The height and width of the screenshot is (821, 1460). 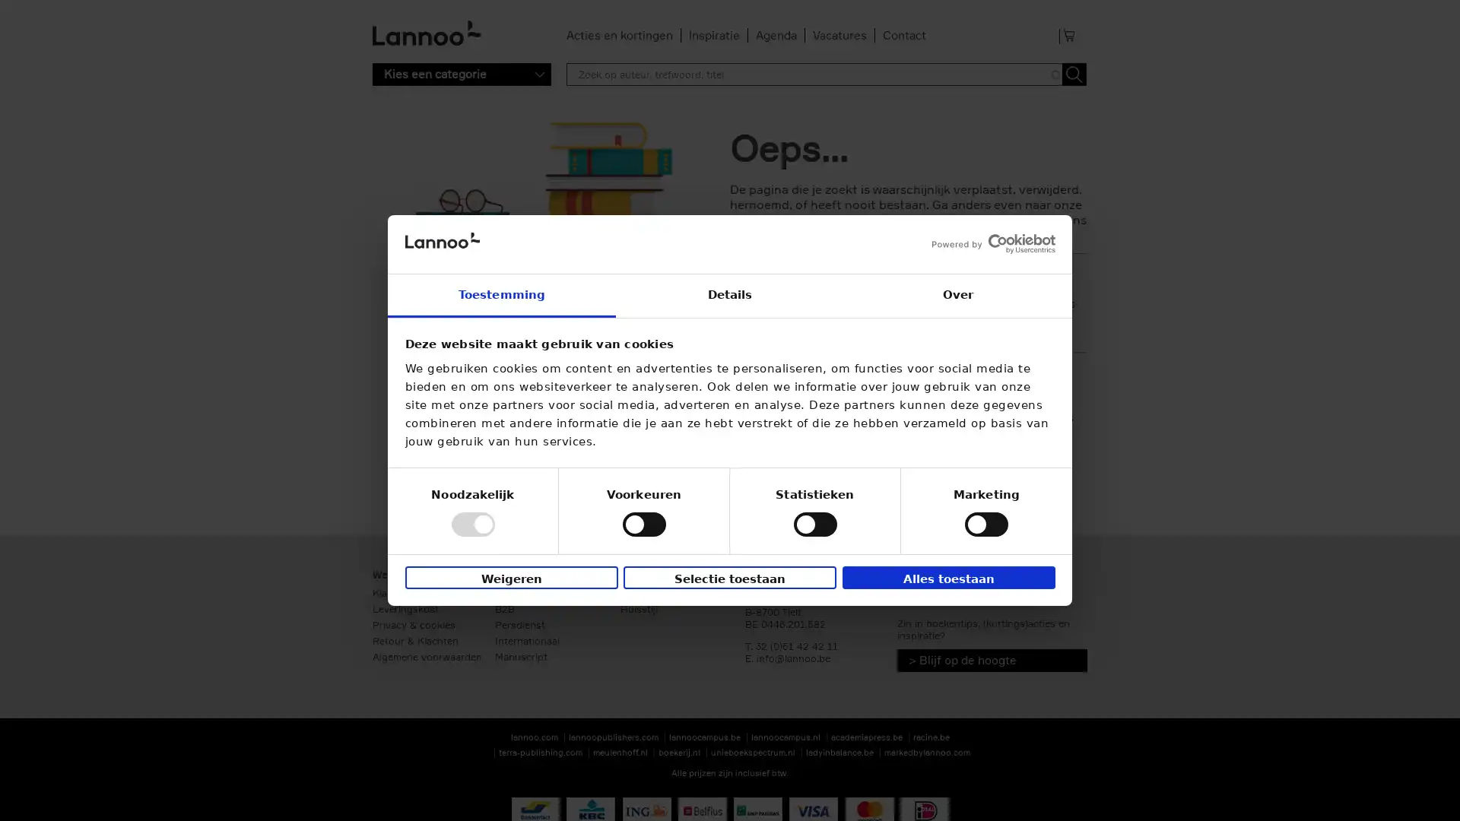 What do you see at coordinates (730, 577) in the screenshot?
I see `Selectie toestaan` at bounding box center [730, 577].